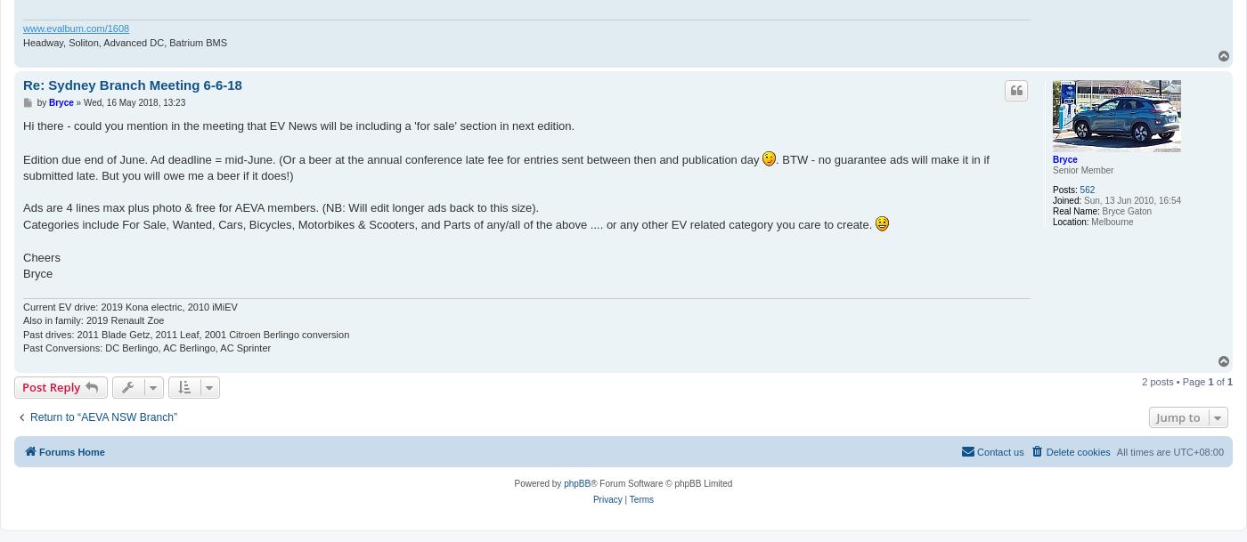 The image size is (1247, 542). I want to click on 'Categories include For Sale, Wanted, Cars, Bicycles, Motorbikes & Scooters, and Parts of any/all of the above .... or any other EV related category you care to create.', so click(449, 223).